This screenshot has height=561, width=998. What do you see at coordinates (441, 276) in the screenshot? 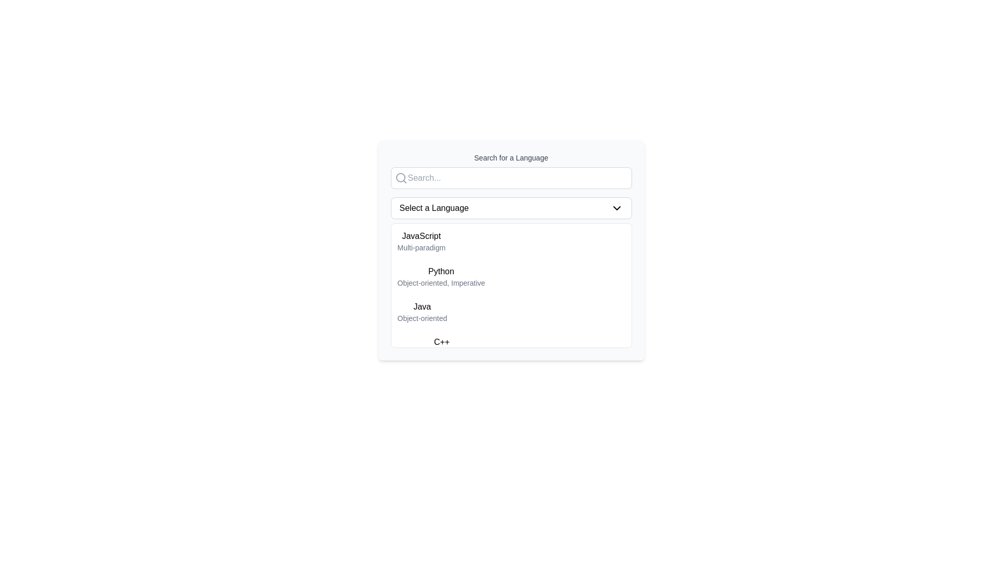
I see `the Python text block, which contains its title and description` at bounding box center [441, 276].